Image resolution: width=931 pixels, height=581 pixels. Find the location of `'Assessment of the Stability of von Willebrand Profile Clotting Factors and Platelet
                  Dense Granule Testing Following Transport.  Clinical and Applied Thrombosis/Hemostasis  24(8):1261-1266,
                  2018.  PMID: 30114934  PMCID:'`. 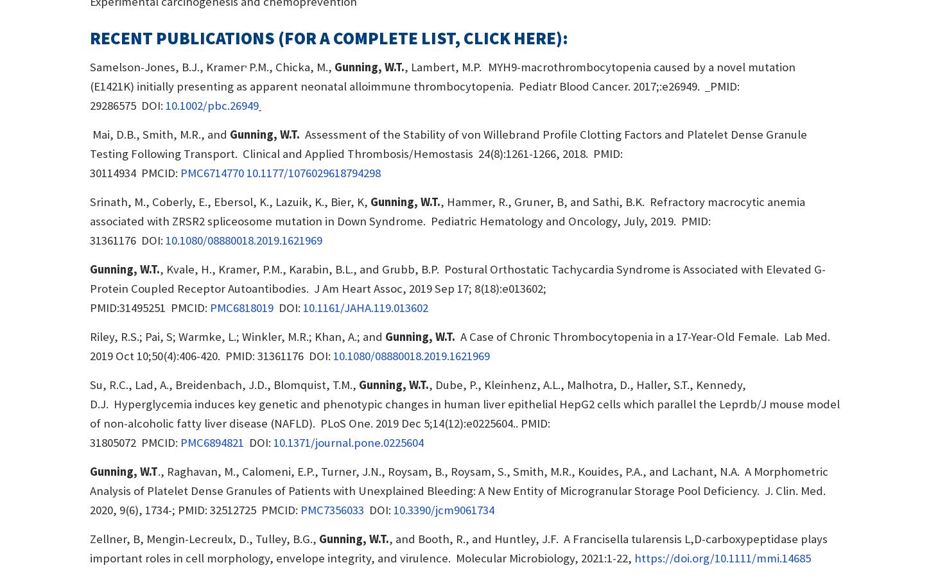

'Assessment of the Stability of von Willebrand Profile Clotting Factors and Platelet
                  Dense Granule Testing Following Transport.  Clinical and Applied Thrombosis/Hemostasis  24(8):1261-1266,
                  2018.  PMID: 30114934  PMCID:' is located at coordinates (448, 153).